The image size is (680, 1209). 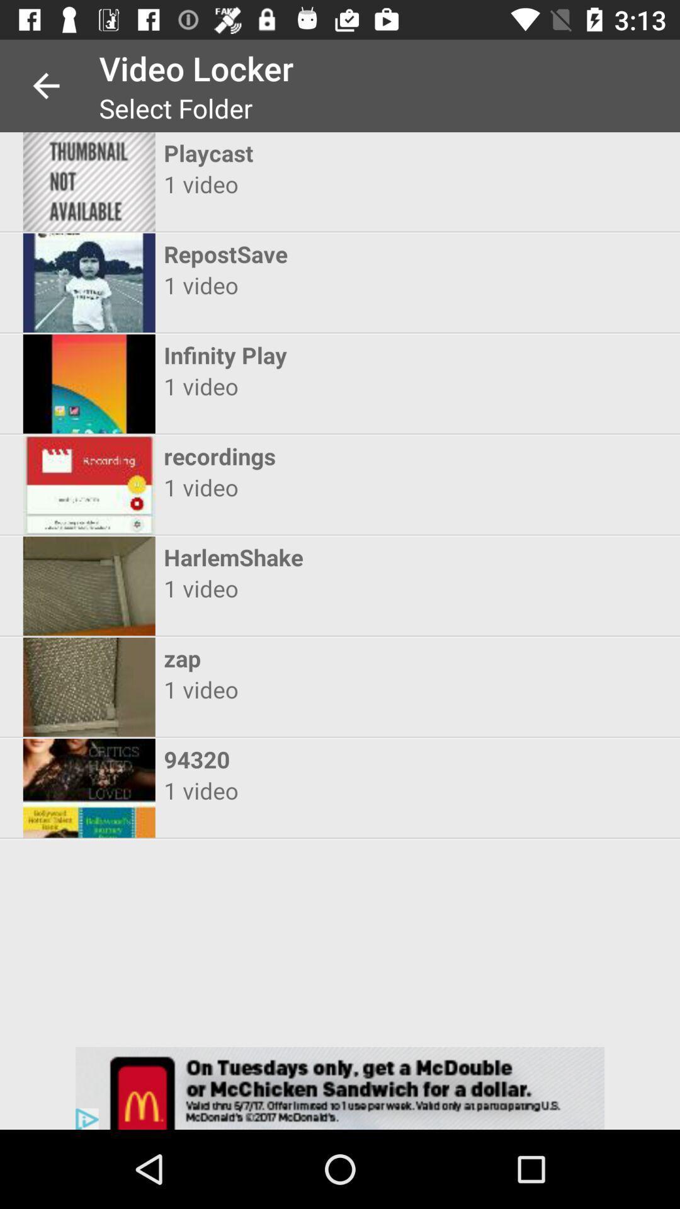 I want to click on the last option, so click(x=89, y=788).